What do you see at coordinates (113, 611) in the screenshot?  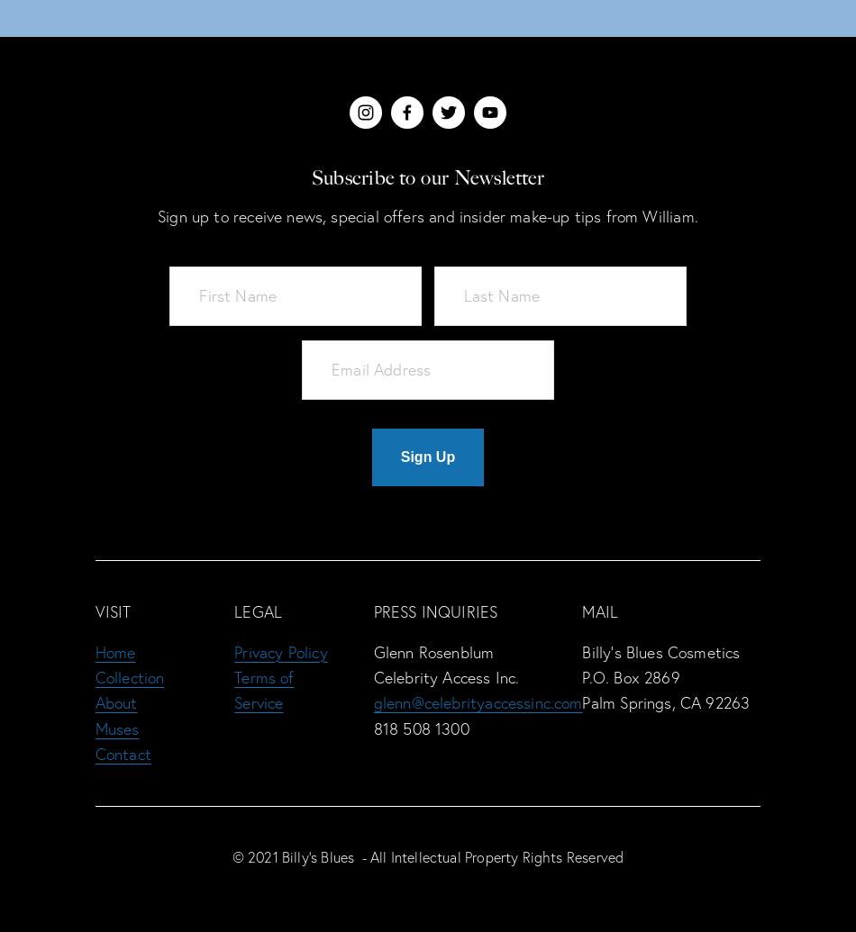 I see `'VISIT'` at bounding box center [113, 611].